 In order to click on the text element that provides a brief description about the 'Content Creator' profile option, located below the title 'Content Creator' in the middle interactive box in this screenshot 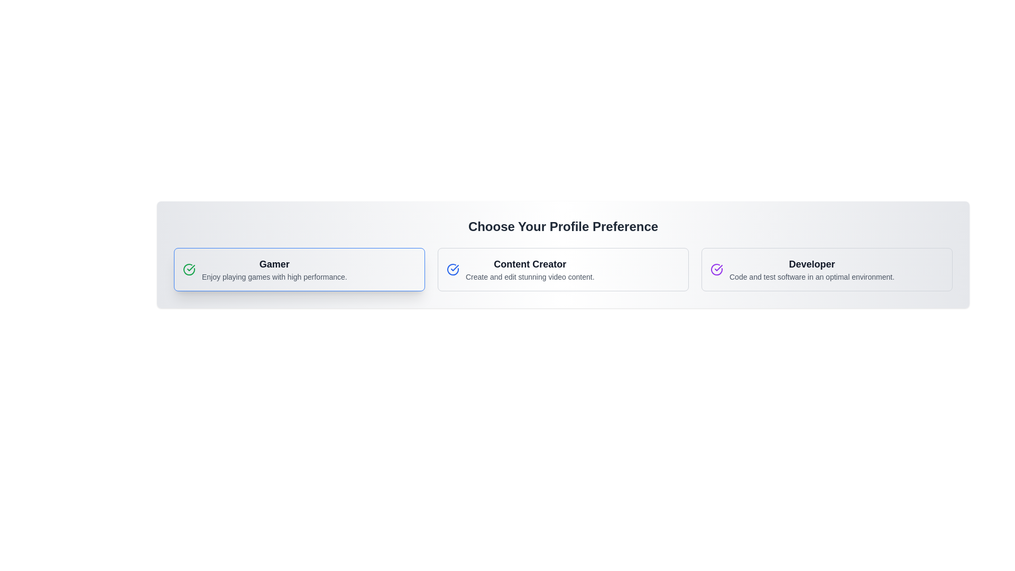, I will do `click(530, 277)`.